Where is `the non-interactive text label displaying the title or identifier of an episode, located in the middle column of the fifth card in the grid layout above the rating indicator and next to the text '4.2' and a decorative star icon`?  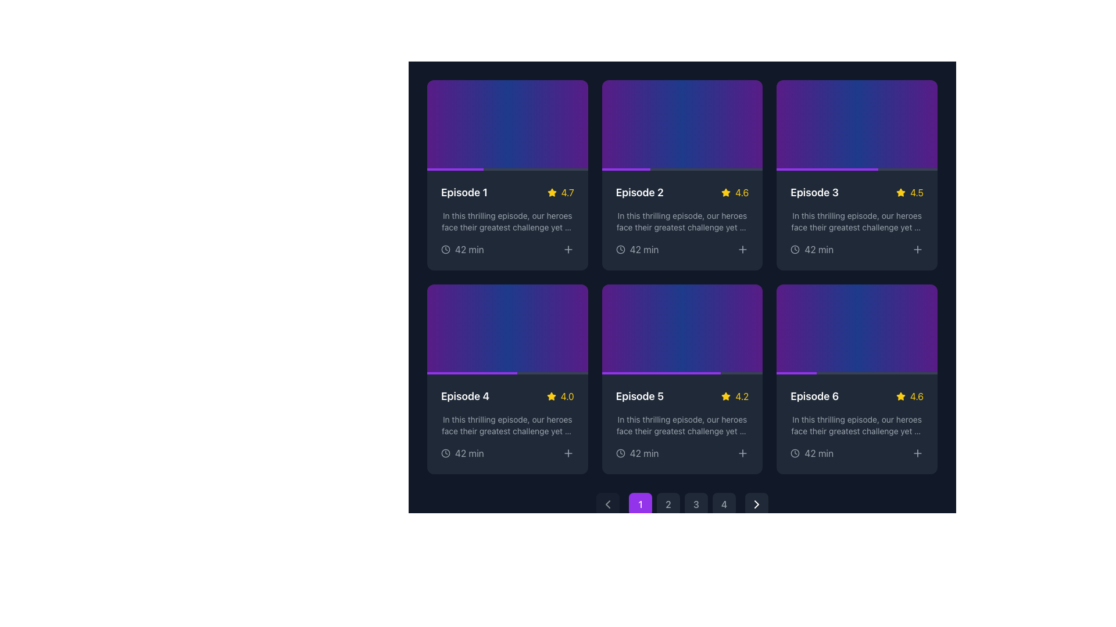 the non-interactive text label displaying the title or identifier of an episode, located in the middle column of the fifth card in the grid layout above the rating indicator and next to the text '4.2' and a decorative star icon is located at coordinates (639, 396).